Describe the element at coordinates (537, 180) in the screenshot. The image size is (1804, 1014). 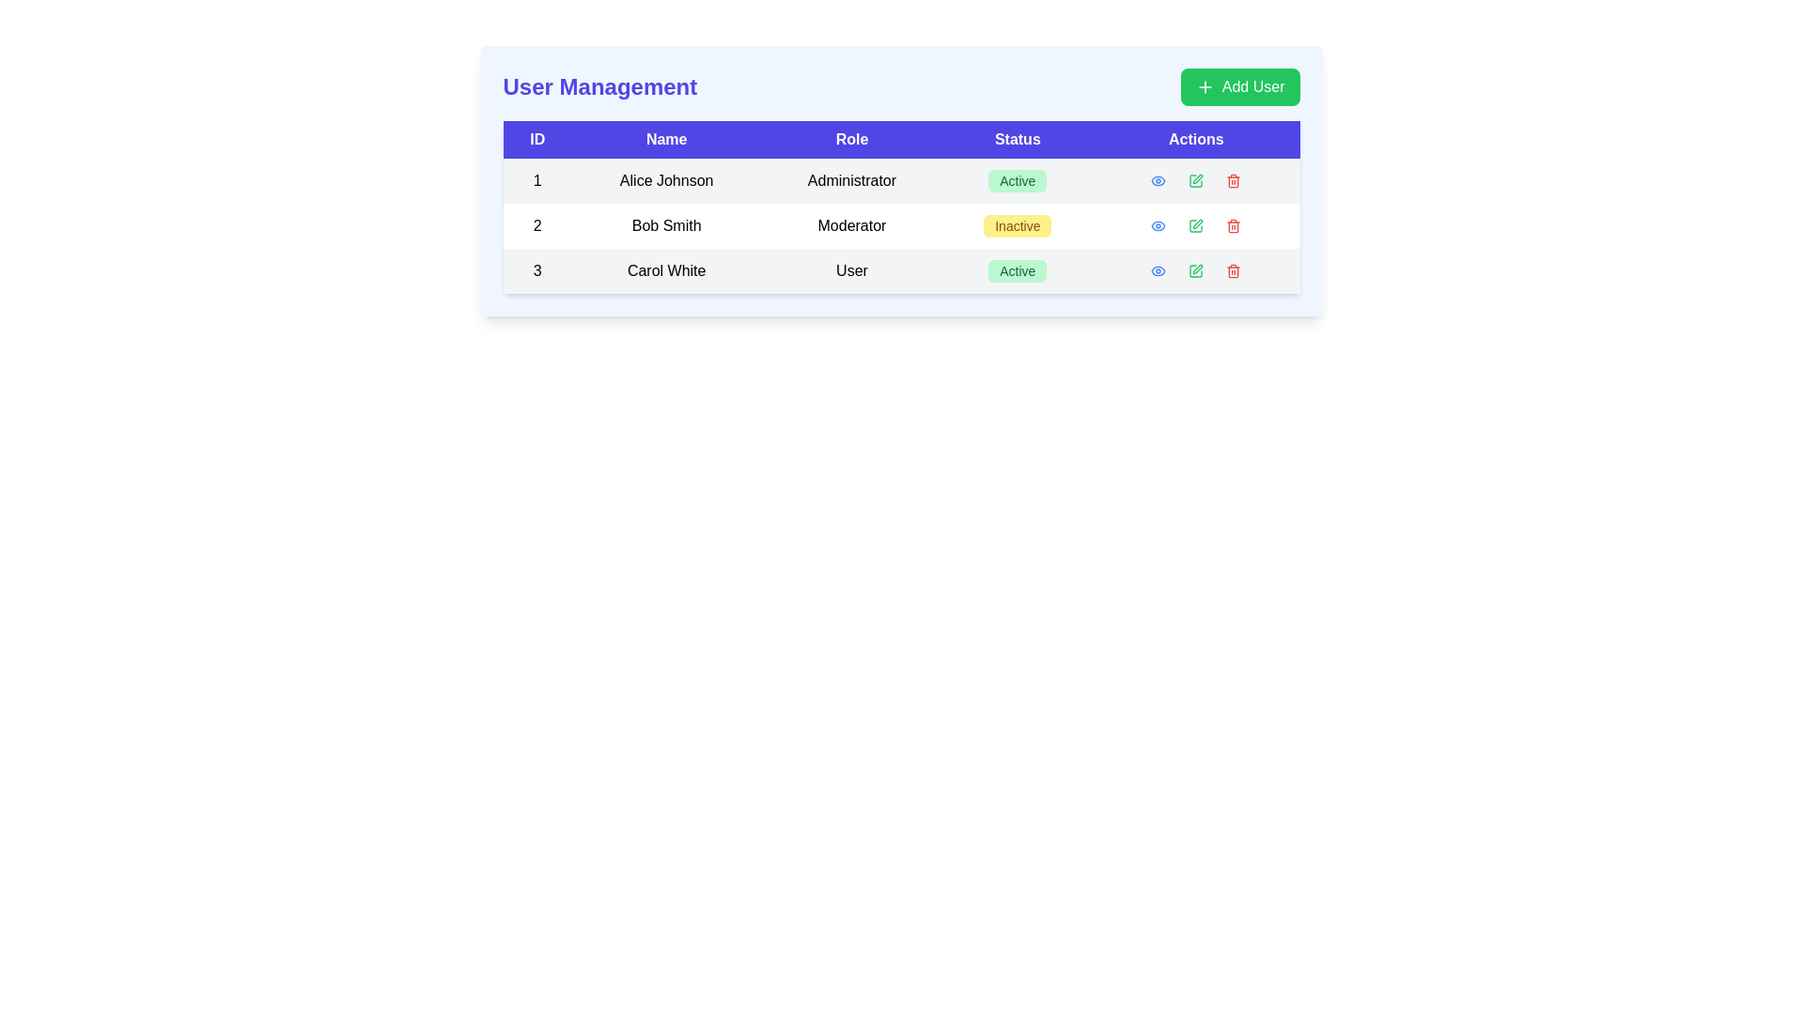
I see `text element displaying the number '1' in black text within the 'ID' column of the first row in the User Management table` at that location.